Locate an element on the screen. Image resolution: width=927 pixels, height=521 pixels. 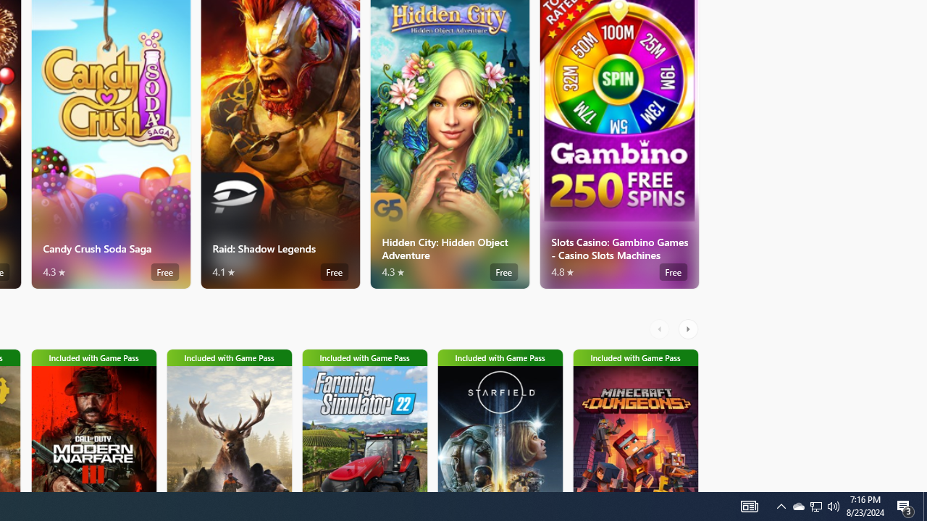
'AutomationID: LeftScrollButton' is located at coordinates (660, 329).